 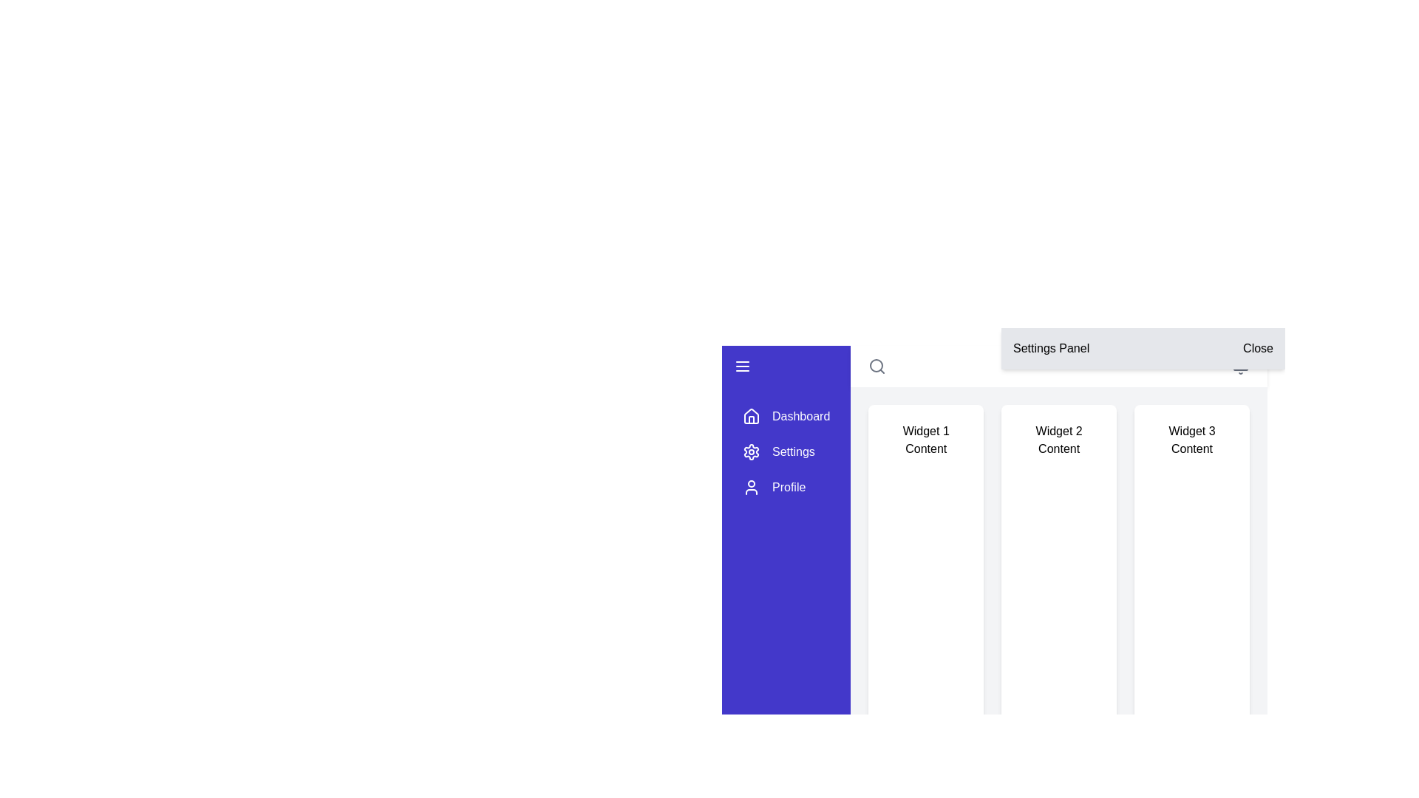 What do you see at coordinates (752, 487) in the screenshot?
I see `the user icon, which is a circular head and shoulders silhouette in white on a purple background` at bounding box center [752, 487].